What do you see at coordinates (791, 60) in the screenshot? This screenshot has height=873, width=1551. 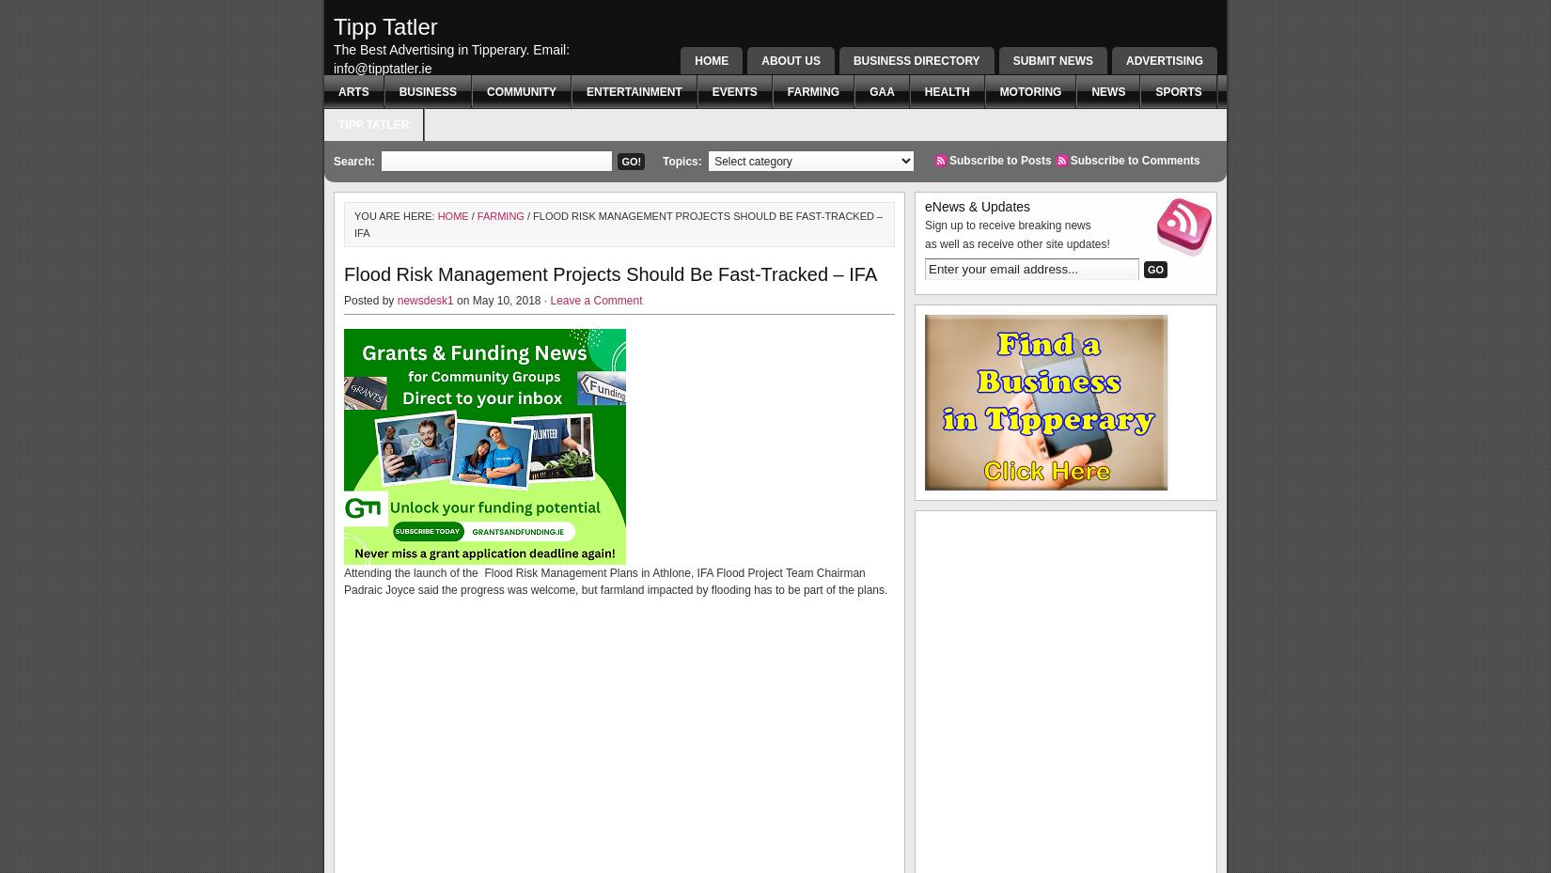 I see `'About us'` at bounding box center [791, 60].